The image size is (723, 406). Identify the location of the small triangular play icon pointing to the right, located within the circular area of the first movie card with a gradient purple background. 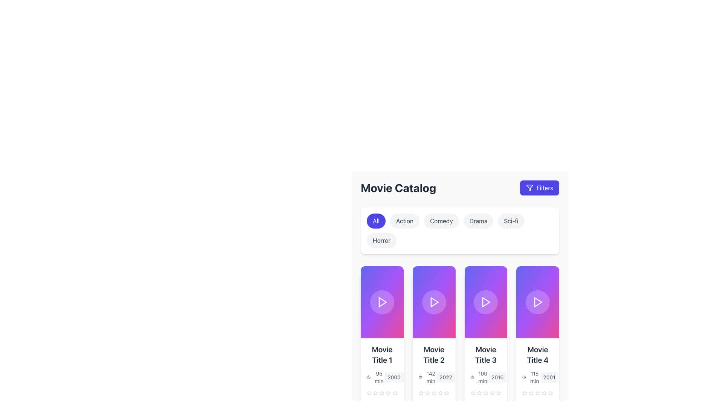
(383, 301).